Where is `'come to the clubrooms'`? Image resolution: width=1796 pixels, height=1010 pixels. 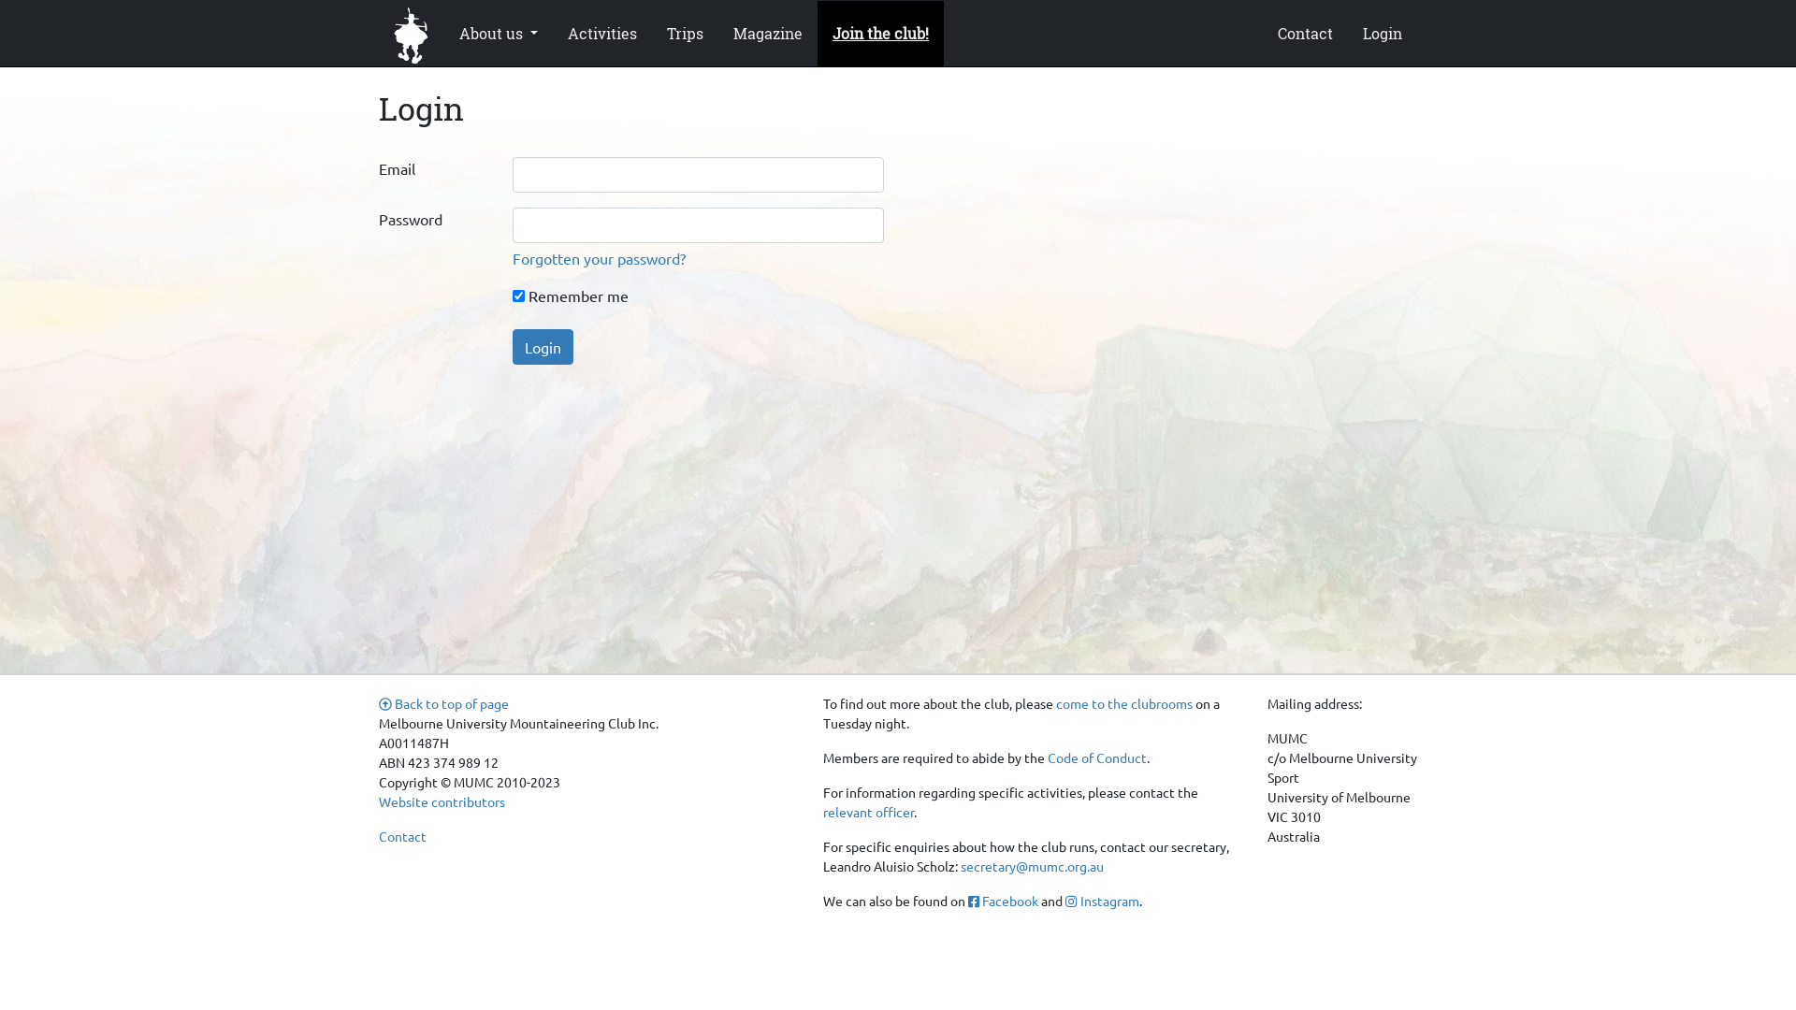 'come to the clubrooms' is located at coordinates (1122, 703).